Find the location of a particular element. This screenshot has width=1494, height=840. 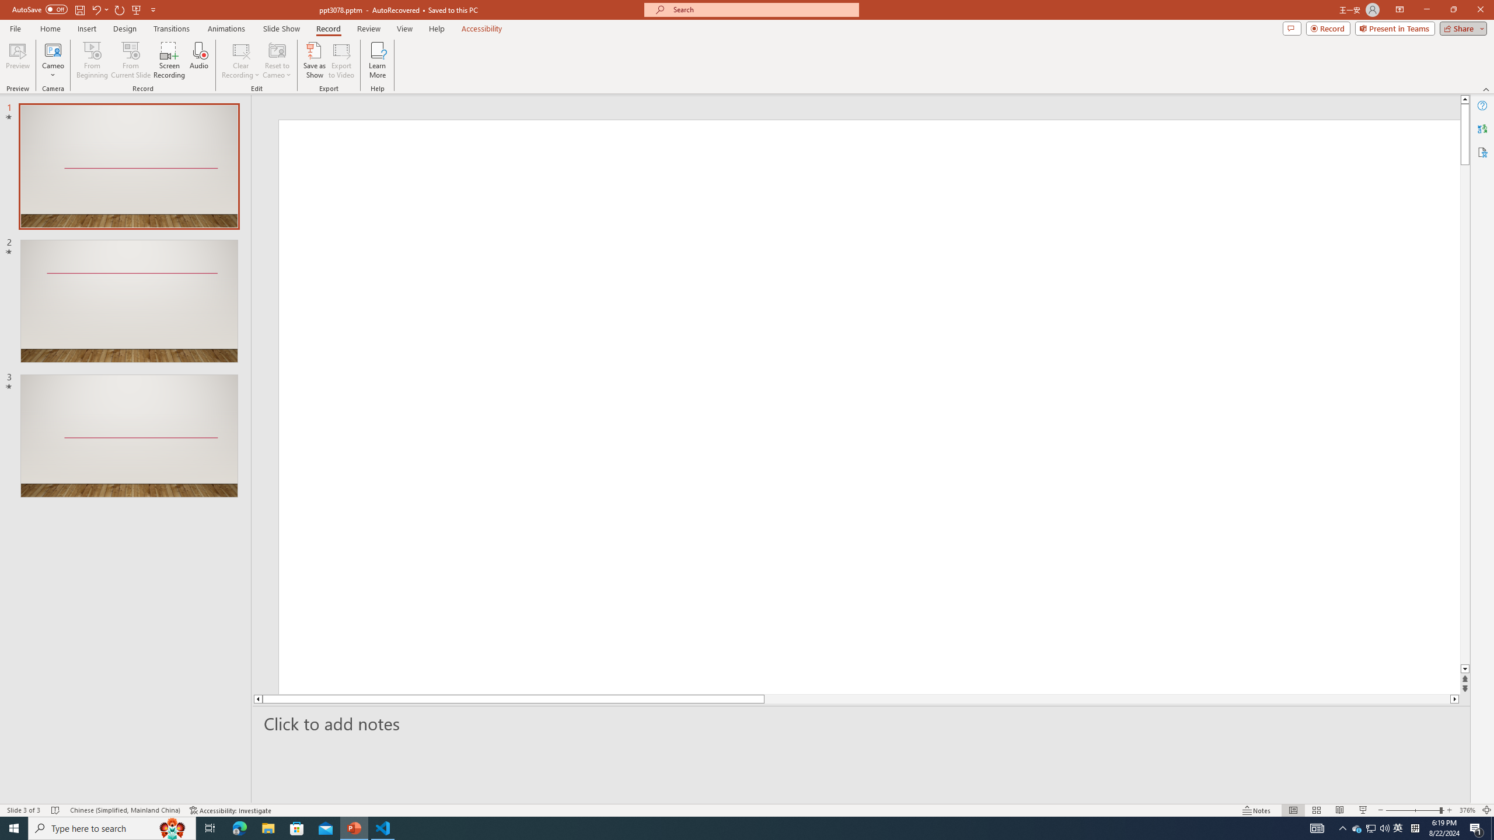

'From Current Slide...' is located at coordinates (131, 60).